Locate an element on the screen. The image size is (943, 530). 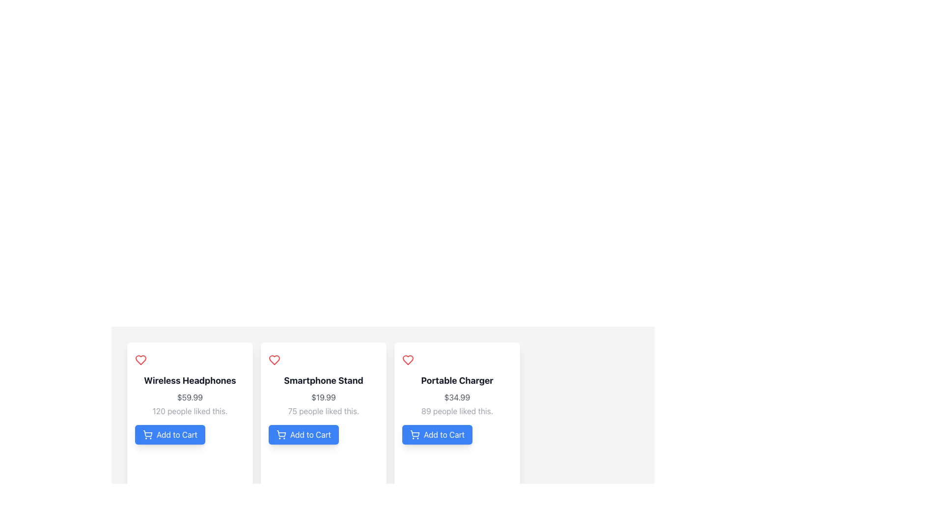
the Static Text Label that displays the price '$34.99' for the Portable Charger, which is located within the product card is located at coordinates (457, 397).